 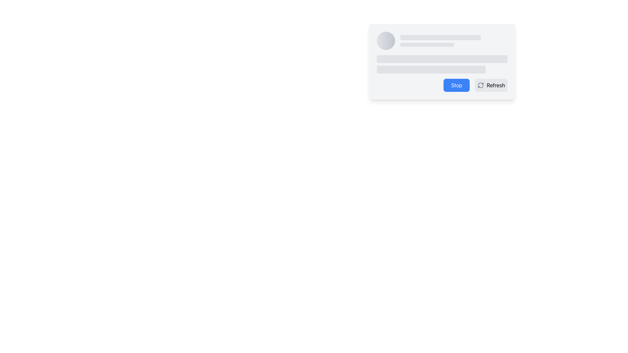 What do you see at coordinates (442, 64) in the screenshot?
I see `the Loading Placeholder Component, which indicates a loading or skeleton state, positioned above the 'Stop' and 'Refresh' buttons` at bounding box center [442, 64].